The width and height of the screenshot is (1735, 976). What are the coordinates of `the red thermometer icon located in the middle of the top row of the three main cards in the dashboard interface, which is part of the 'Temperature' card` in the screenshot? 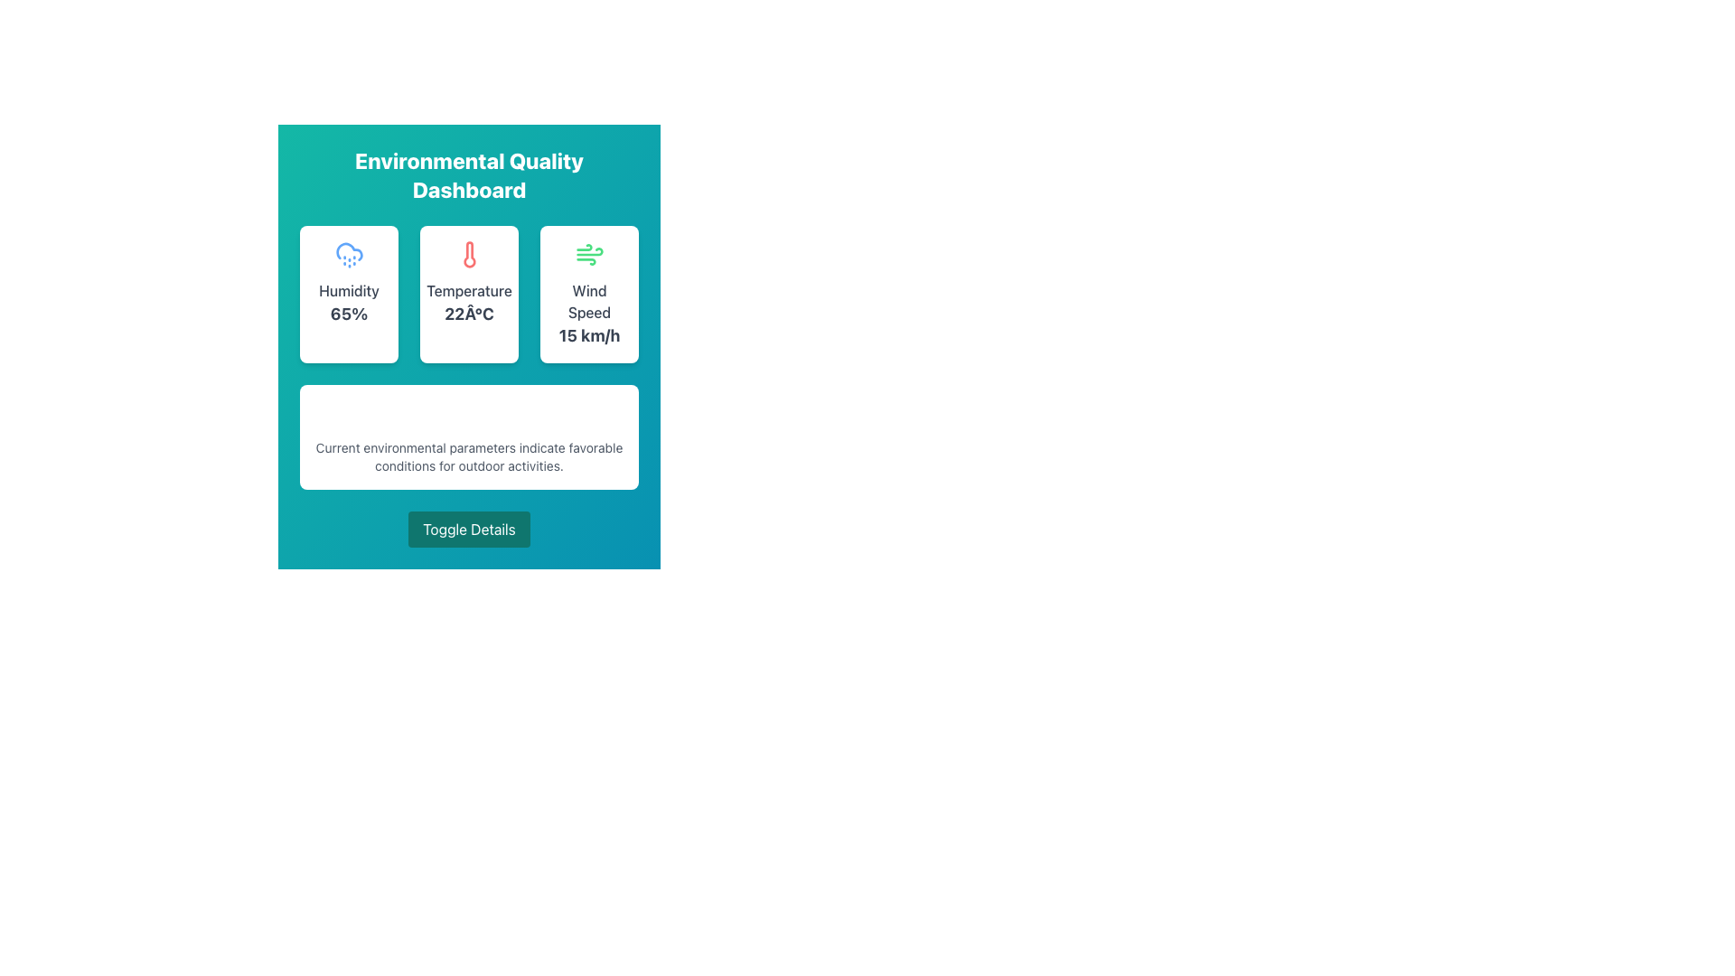 It's located at (469, 254).